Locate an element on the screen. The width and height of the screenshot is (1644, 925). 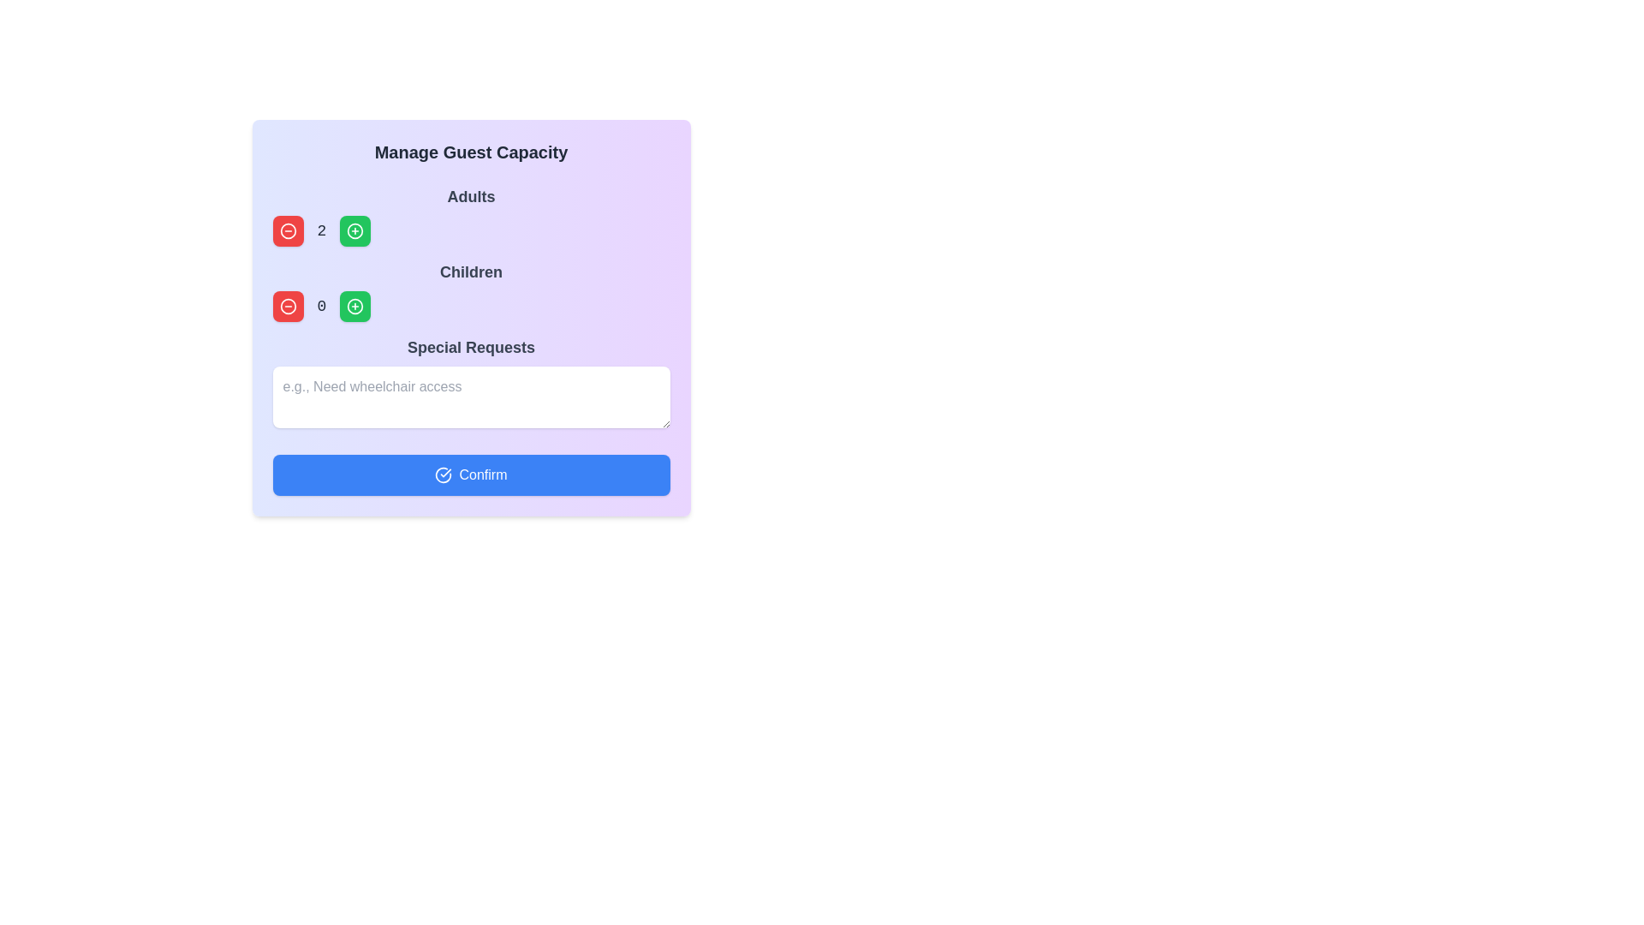
the red rounded rectangle button with a white circular icon containing a horizontal line, located in the second row under the 'Children' label, to observe its hover effect is located at coordinates (288, 306).